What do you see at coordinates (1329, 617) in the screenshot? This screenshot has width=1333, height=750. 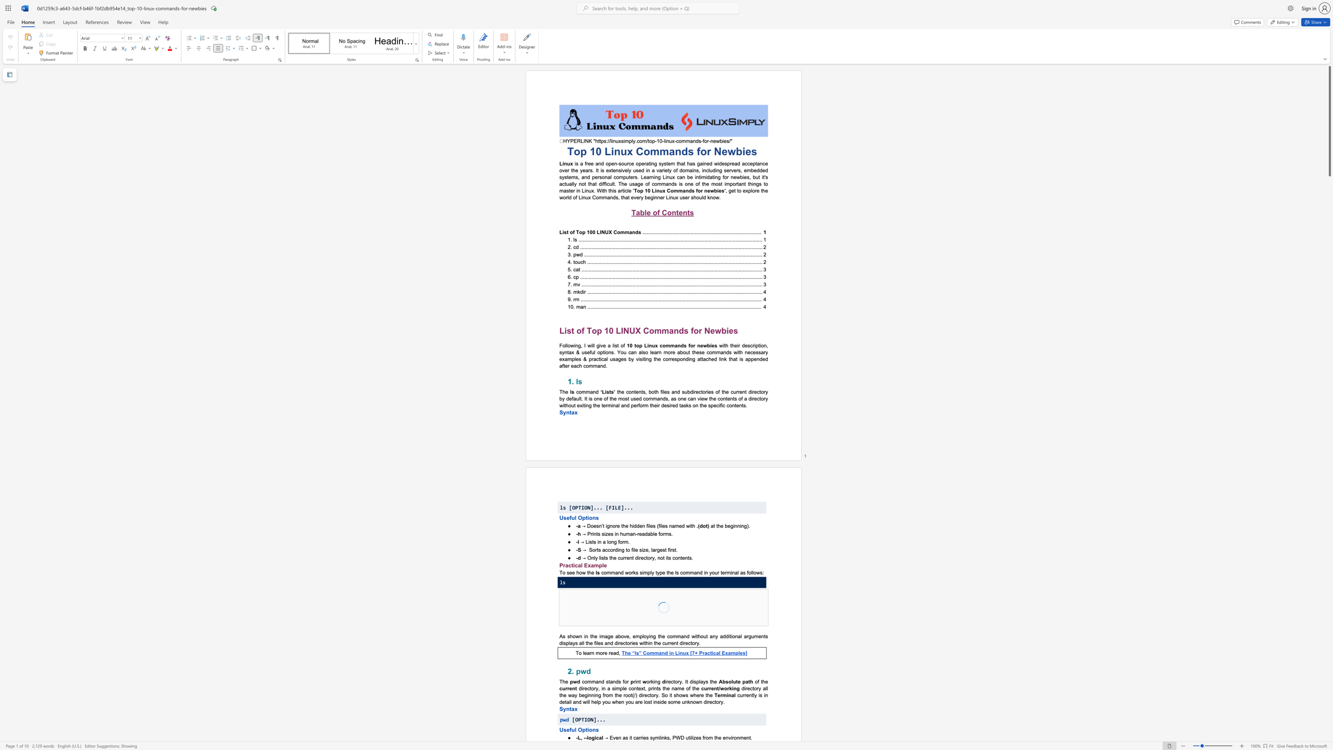 I see `the scrollbar to scroll the page down` at bounding box center [1329, 617].